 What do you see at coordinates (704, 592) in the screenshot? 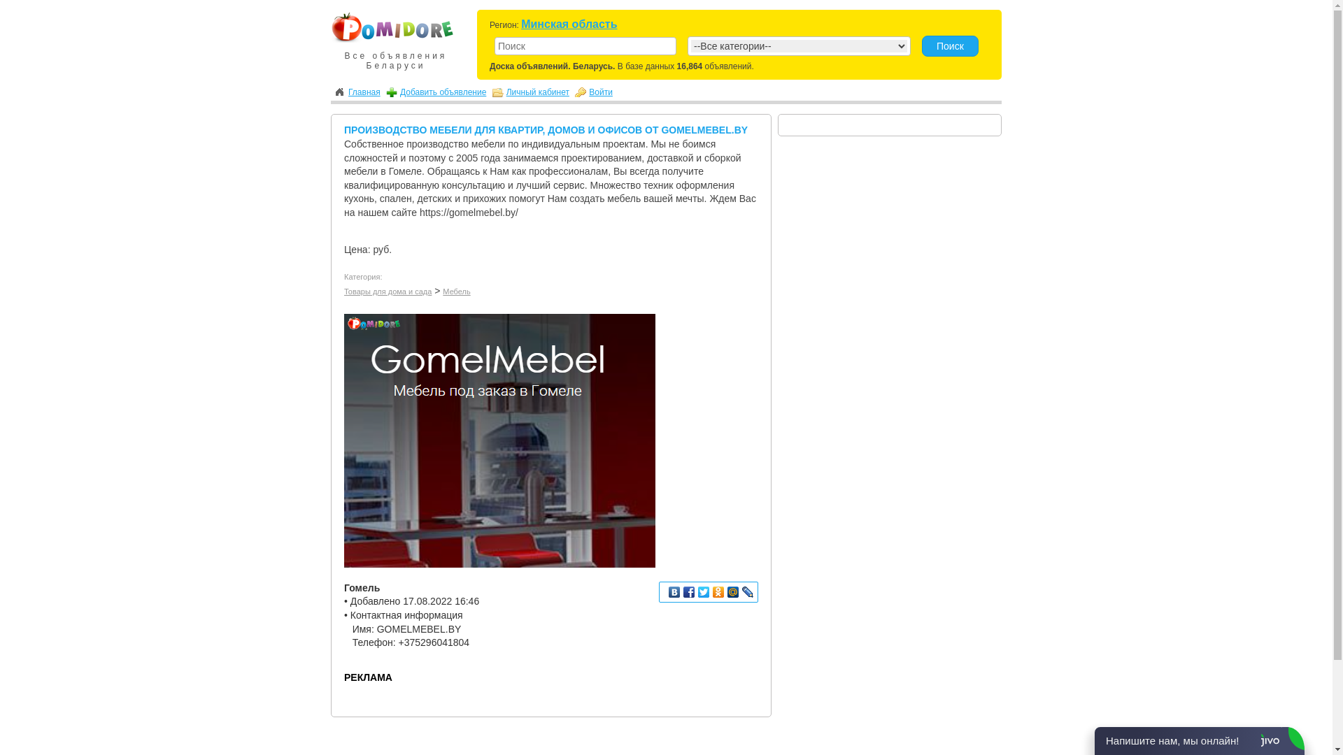
I see `'Twitter'` at bounding box center [704, 592].